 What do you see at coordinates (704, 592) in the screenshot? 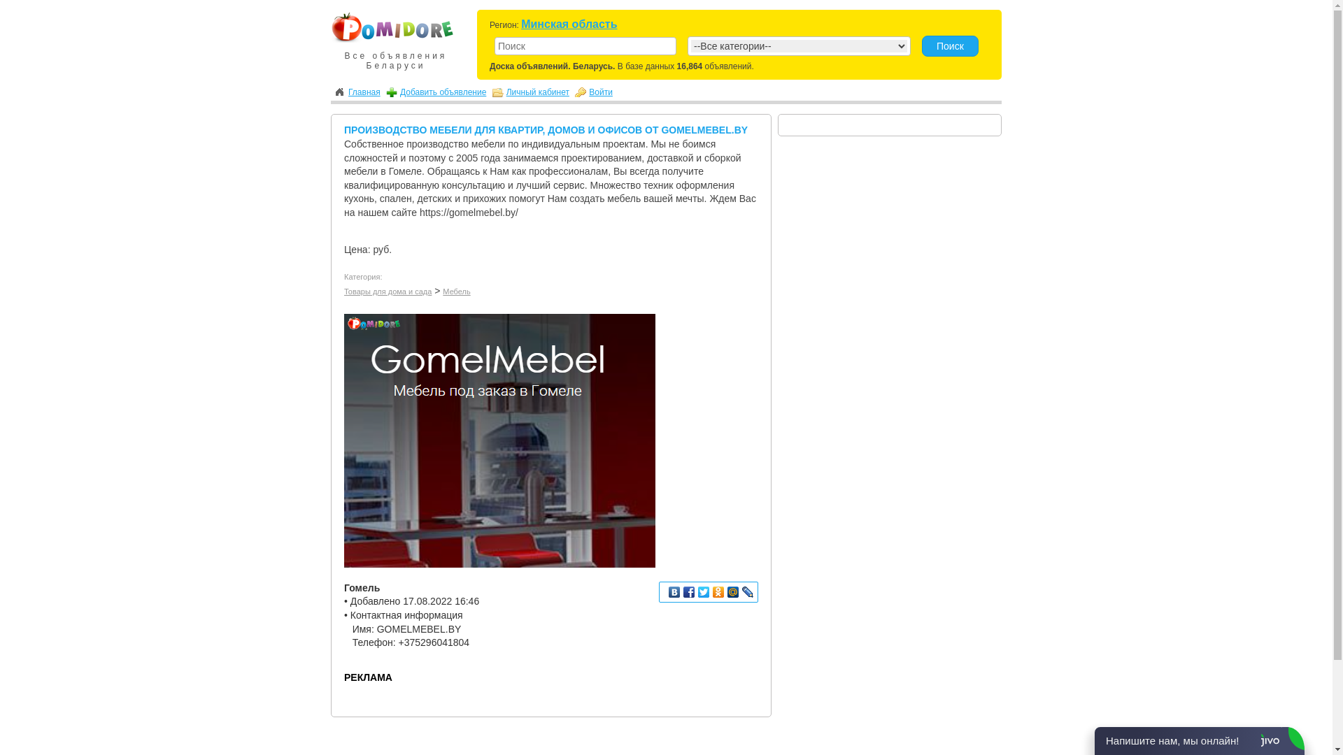
I see `'Twitter'` at bounding box center [704, 592].